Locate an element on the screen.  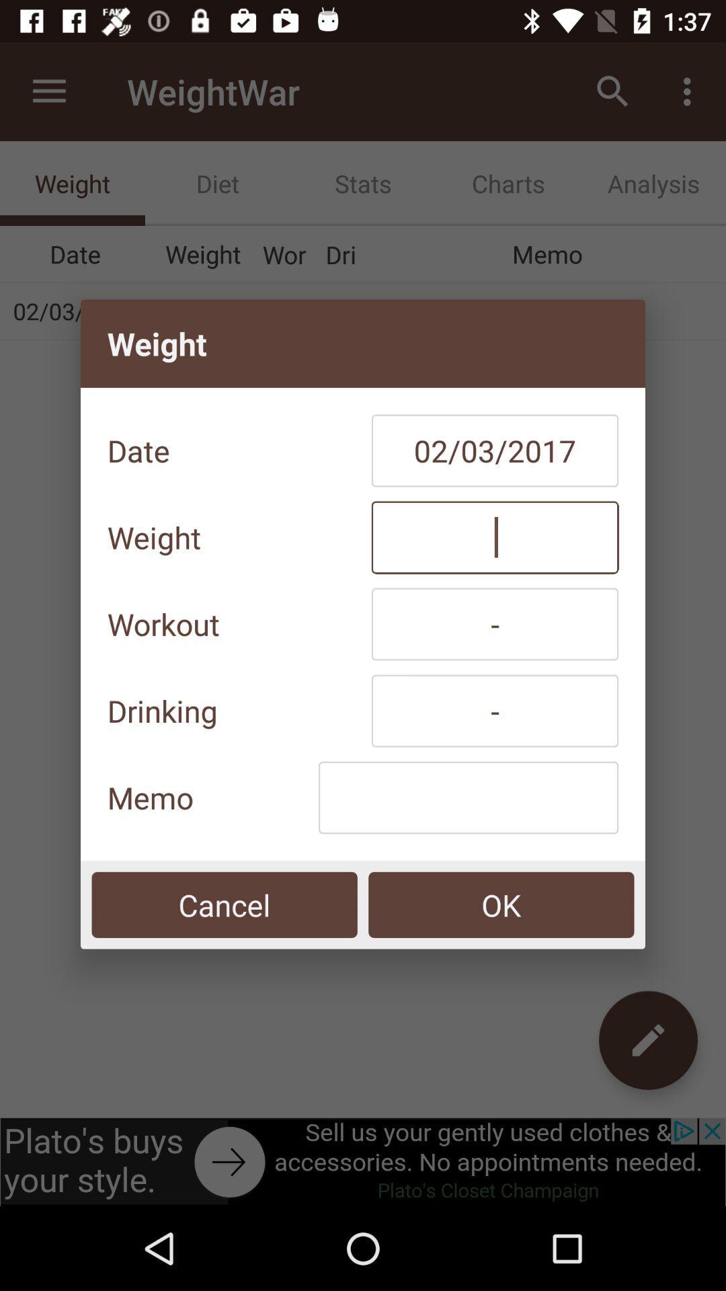
ok is located at coordinates (501, 904).